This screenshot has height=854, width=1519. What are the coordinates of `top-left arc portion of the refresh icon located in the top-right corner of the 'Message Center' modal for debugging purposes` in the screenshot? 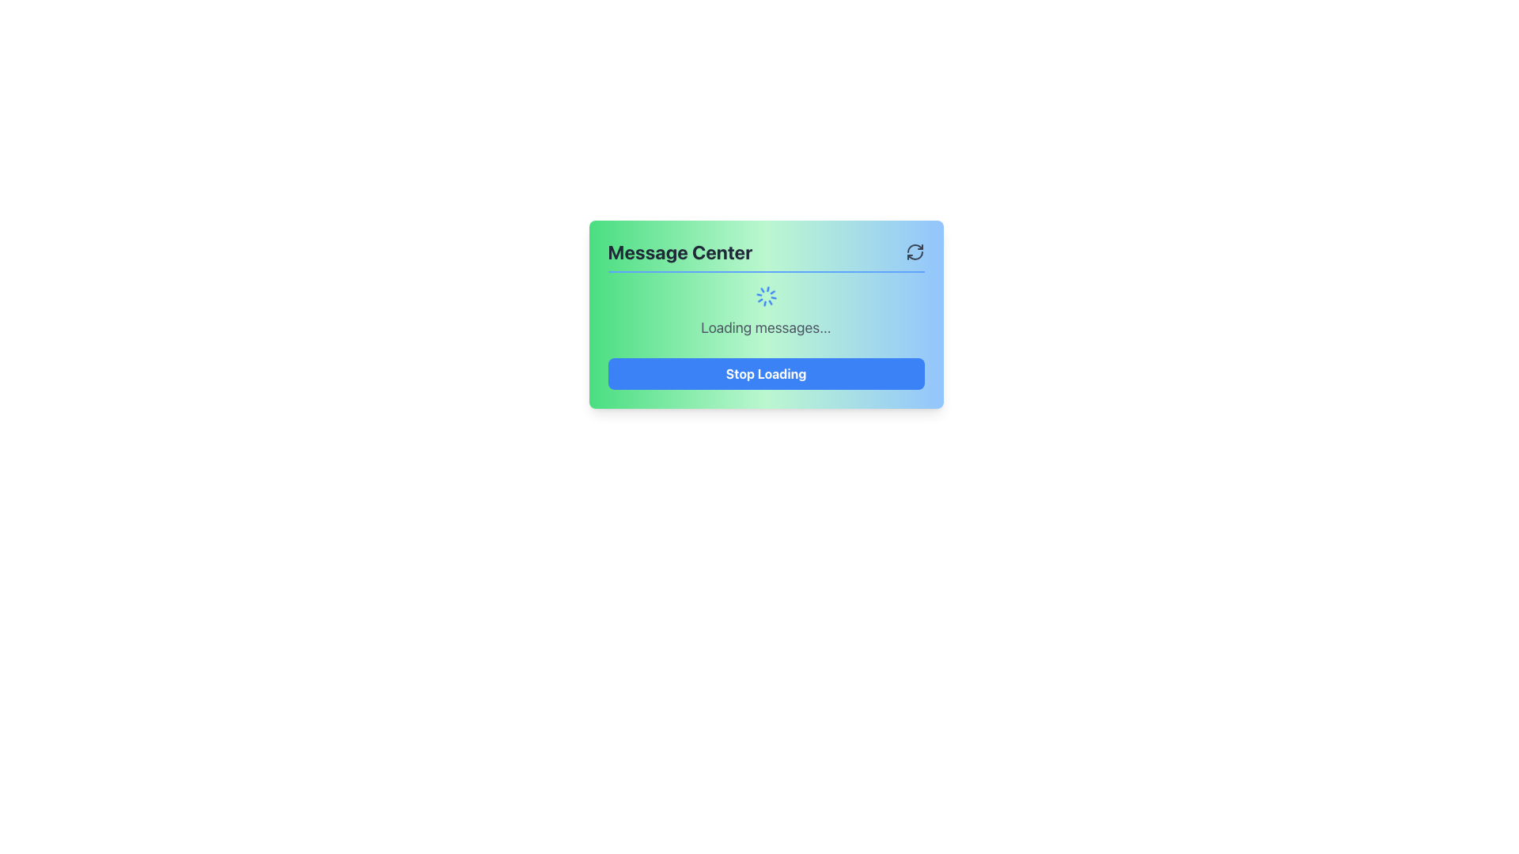 It's located at (915, 248).